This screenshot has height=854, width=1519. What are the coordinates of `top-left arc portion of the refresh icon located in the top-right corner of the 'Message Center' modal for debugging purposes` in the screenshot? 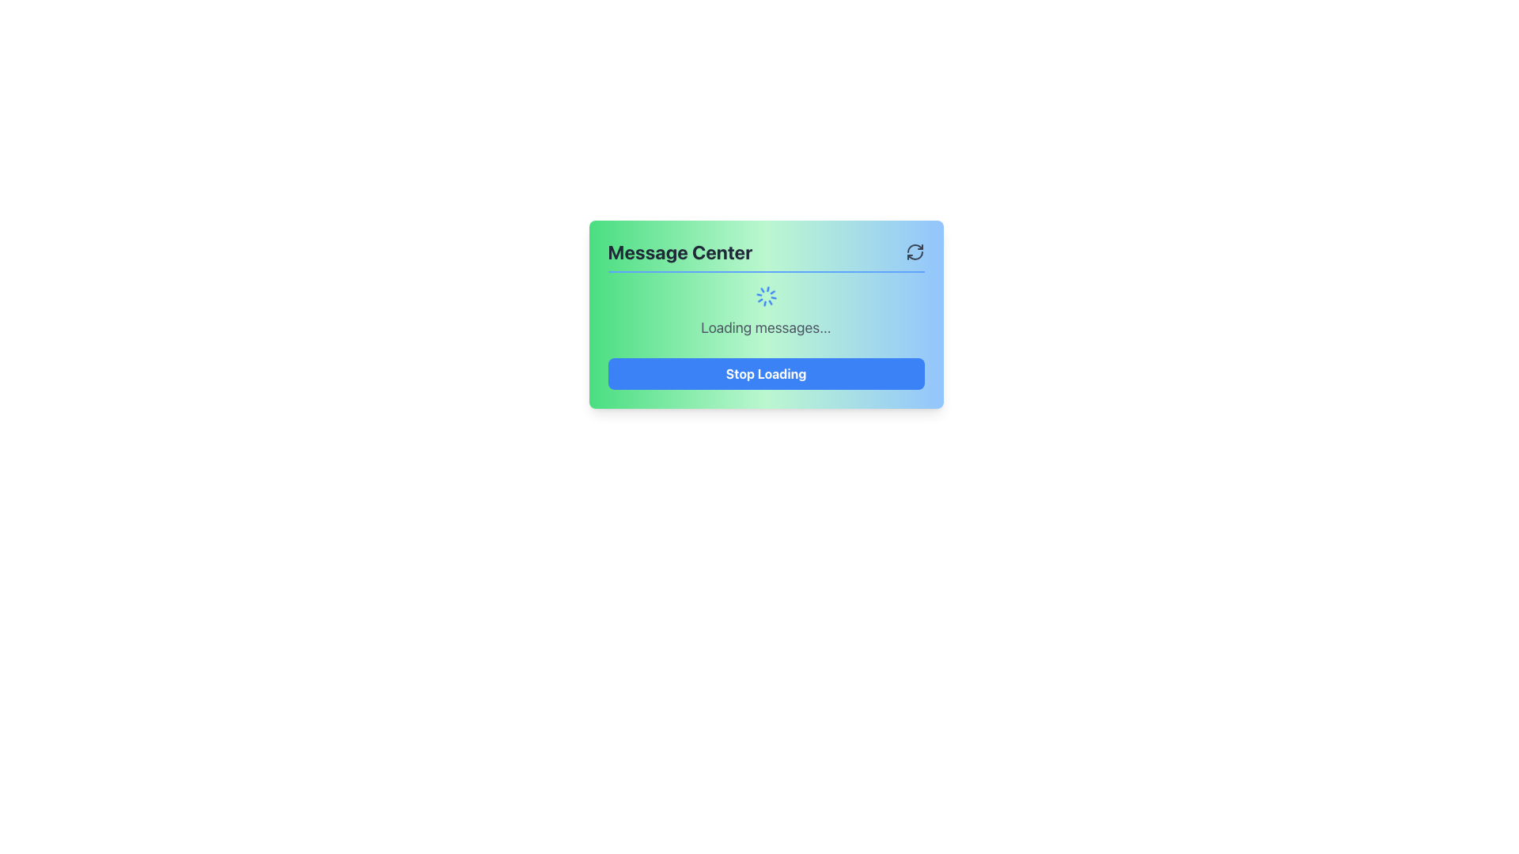 It's located at (915, 248).